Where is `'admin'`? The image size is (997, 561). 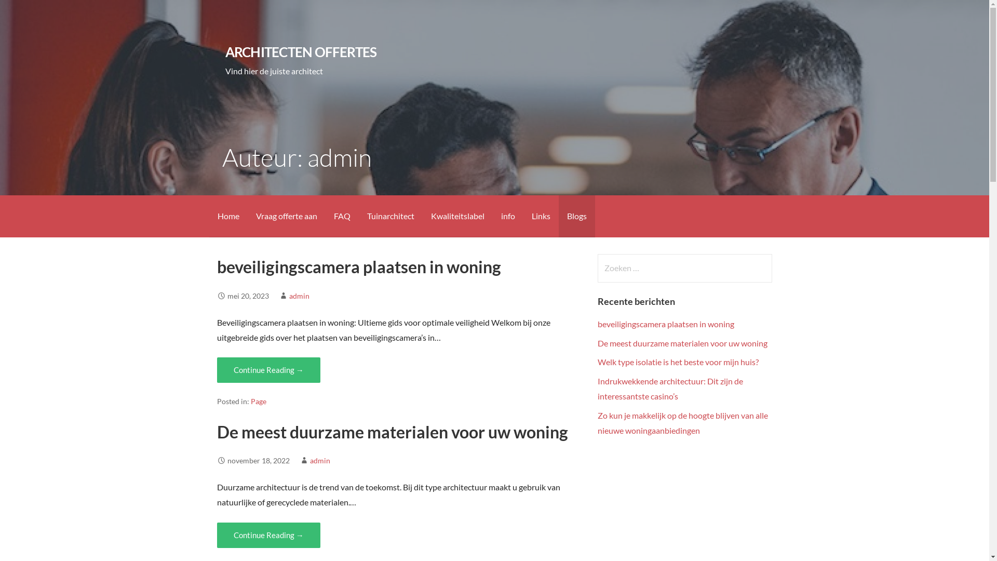
'admin' is located at coordinates (319, 460).